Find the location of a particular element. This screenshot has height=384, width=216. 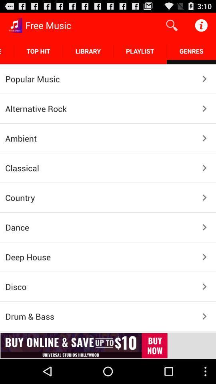

advertisement page is located at coordinates (108, 345).